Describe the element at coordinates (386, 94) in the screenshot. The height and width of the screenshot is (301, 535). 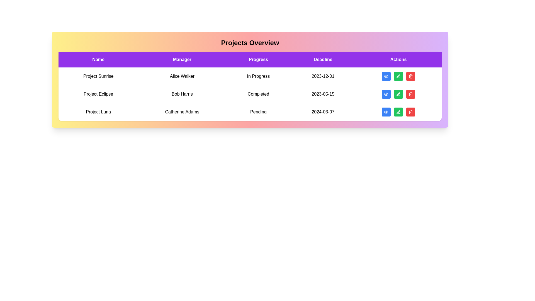
I see `'View' button for the project named Project Eclipse` at that location.